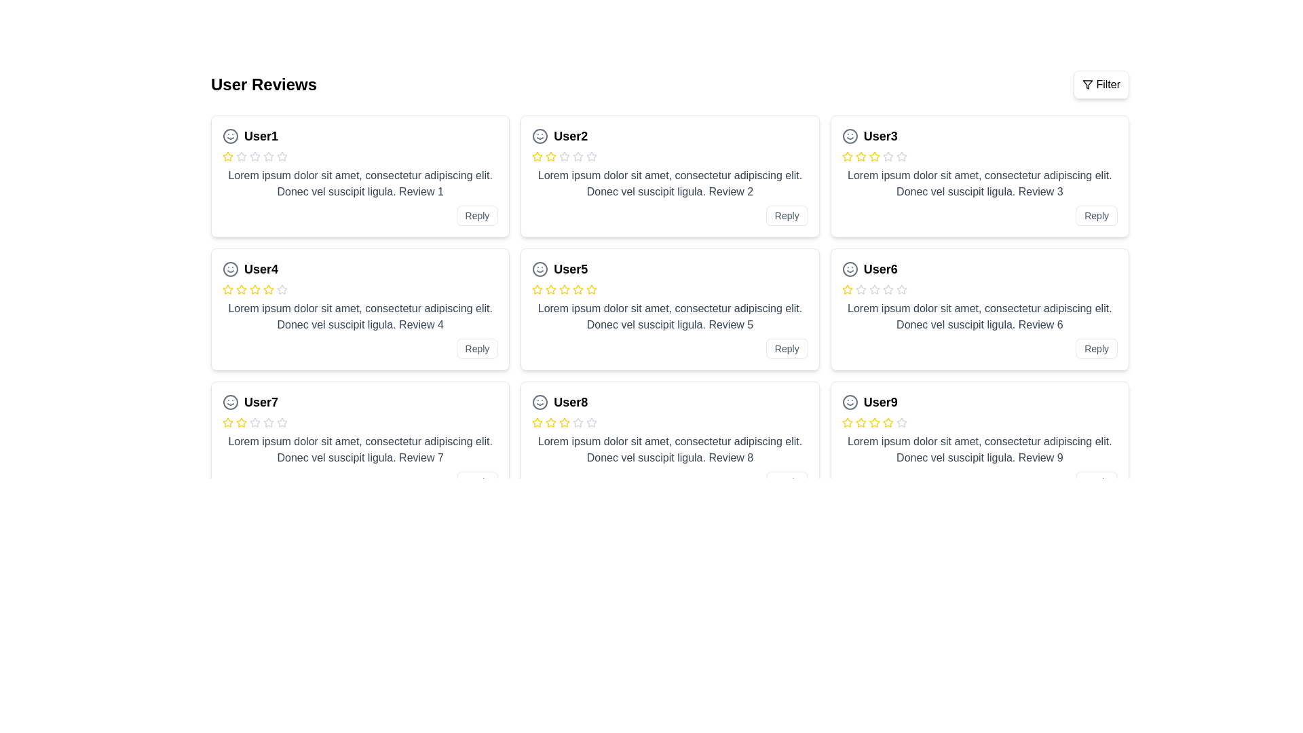 The width and height of the screenshot is (1303, 733). I want to click on the second star icon in the rating system associated with 'User4's review, which is a yellow star icon in a horizontal row of five rating stars, so click(228, 288).